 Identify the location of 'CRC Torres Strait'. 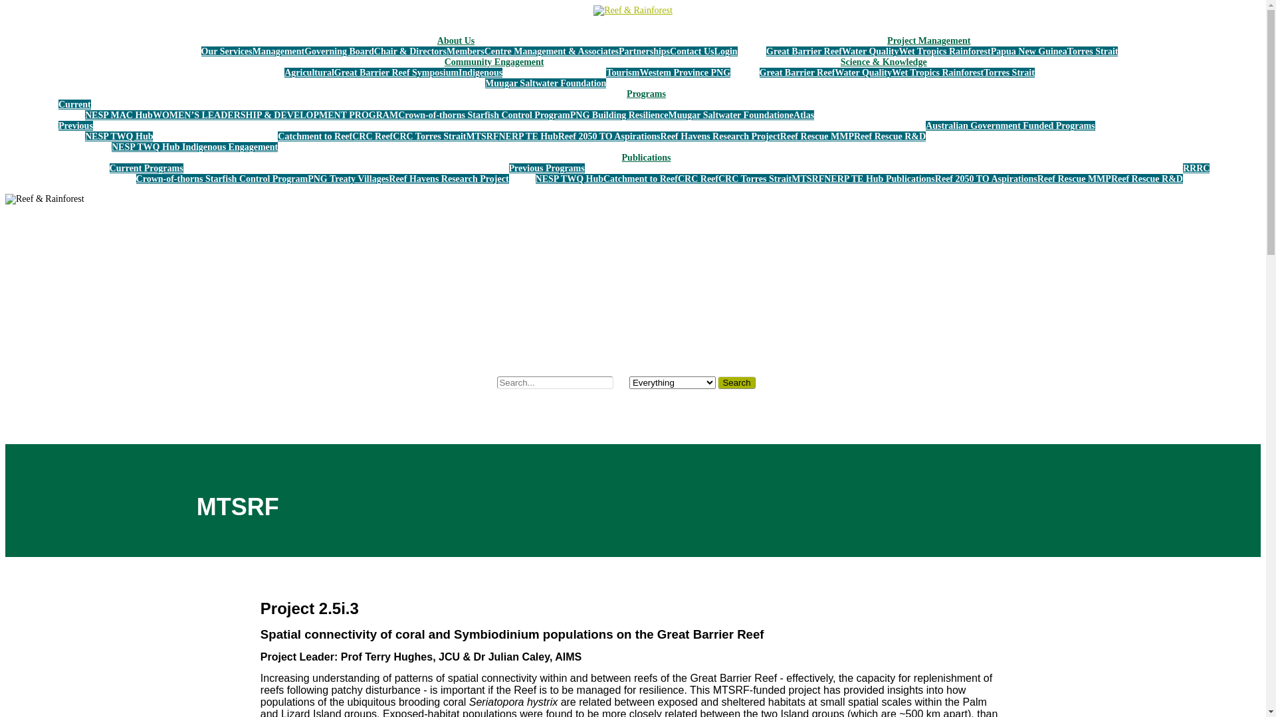
(429, 136).